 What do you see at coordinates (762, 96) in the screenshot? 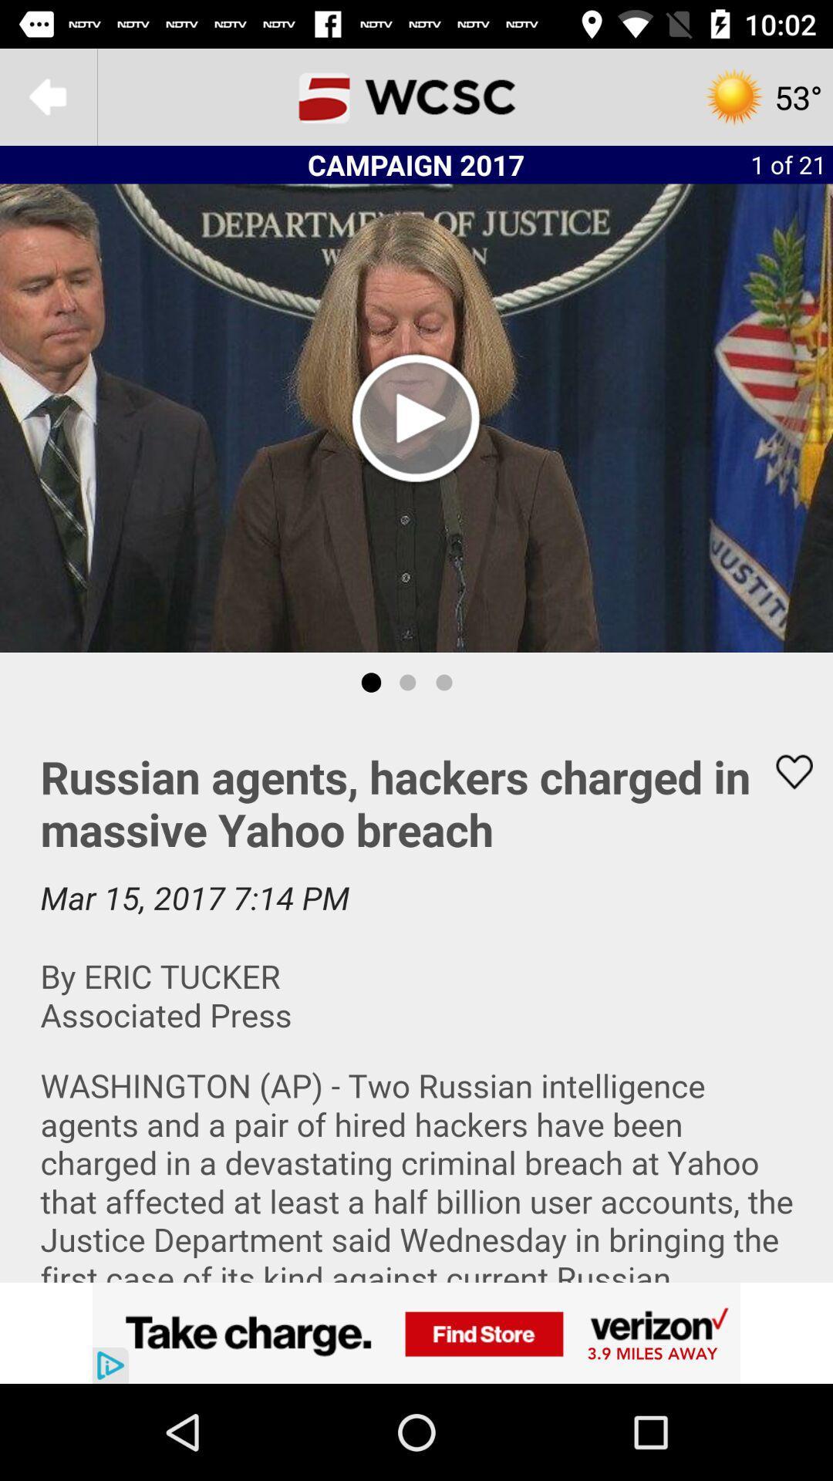
I see `the settings icon` at bounding box center [762, 96].